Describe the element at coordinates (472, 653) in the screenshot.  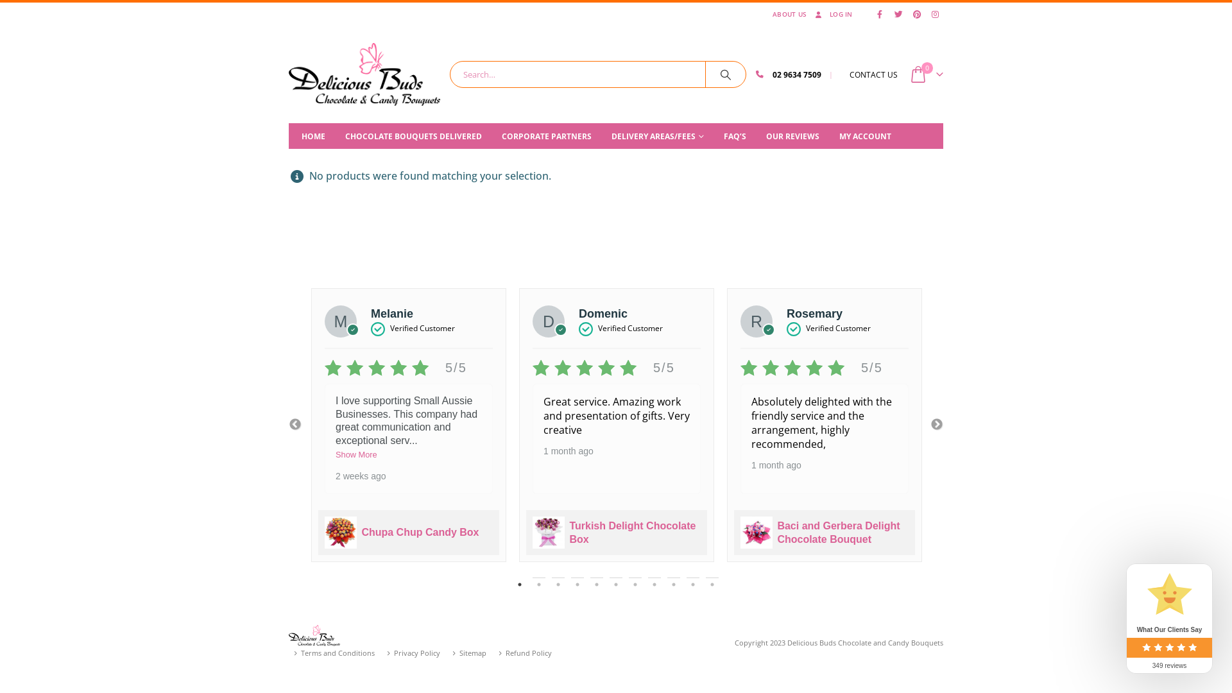
I see `'Sitemap'` at that location.